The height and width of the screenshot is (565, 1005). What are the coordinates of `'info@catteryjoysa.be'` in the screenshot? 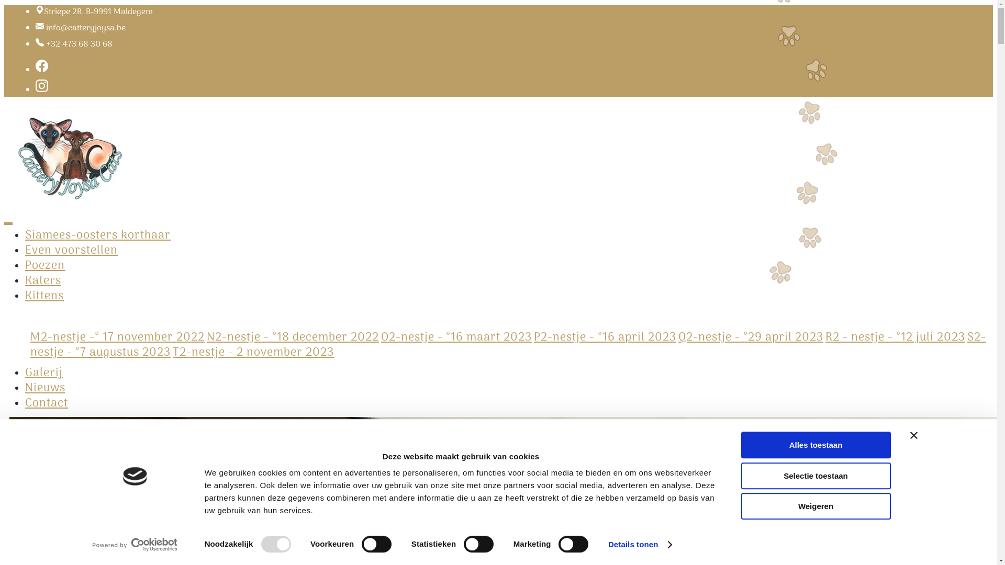 It's located at (85, 28).